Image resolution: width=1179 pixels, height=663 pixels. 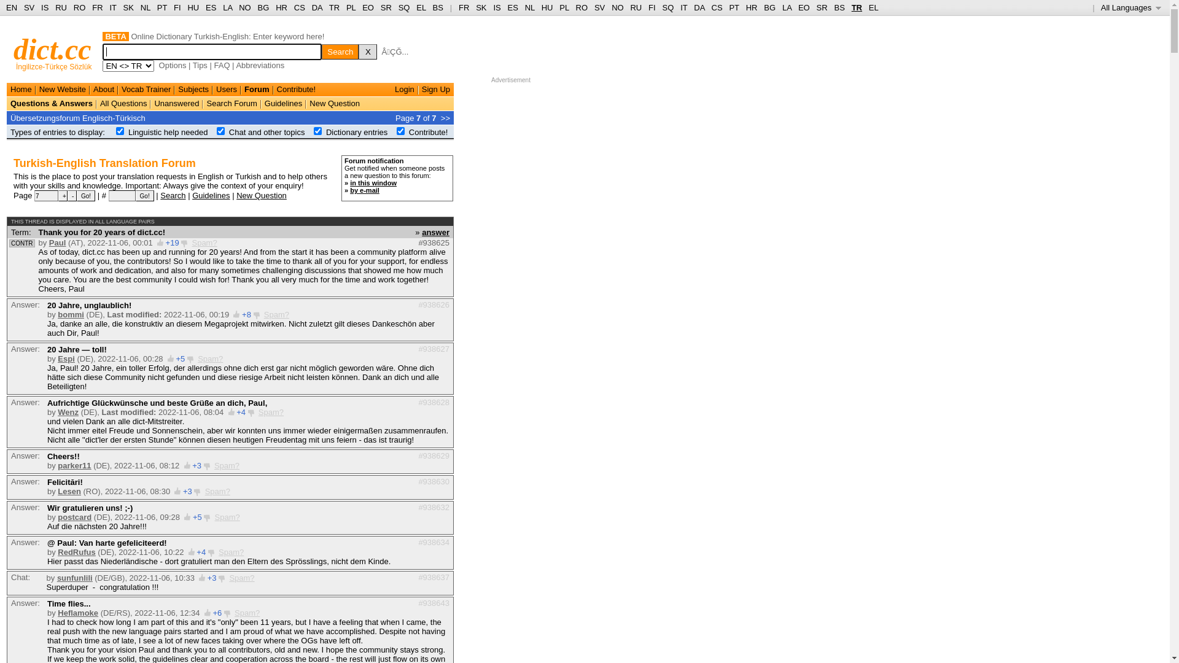 What do you see at coordinates (683, 7) in the screenshot?
I see `'IT'` at bounding box center [683, 7].